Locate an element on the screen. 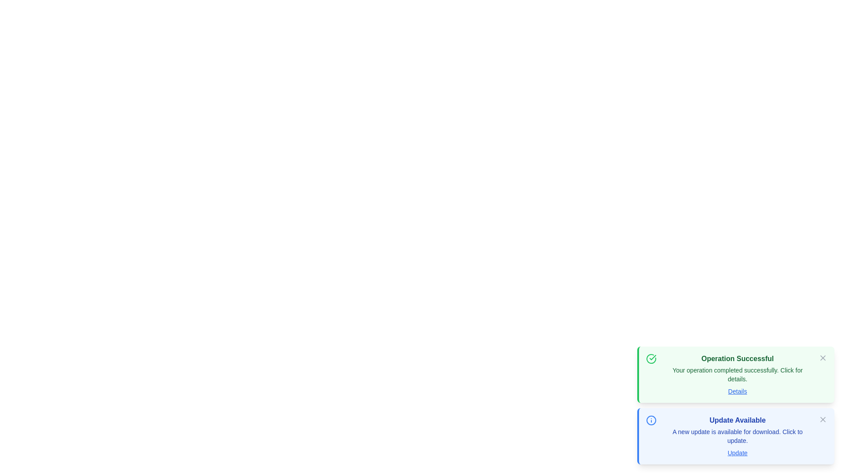 Image resolution: width=845 pixels, height=475 pixels. the SVG Circle element with a blue border located inside the blue information icon in the header of the 'Update Available' notification card is located at coordinates (651, 420).